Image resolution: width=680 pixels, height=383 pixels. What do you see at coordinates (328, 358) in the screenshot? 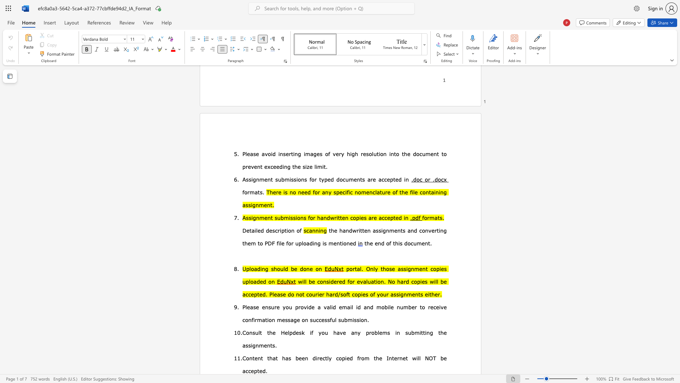
I see `the subset text "y copied from the Internet wil" within the text "Content that has been directly copied from the Internet will NOT be accepted."` at bounding box center [328, 358].